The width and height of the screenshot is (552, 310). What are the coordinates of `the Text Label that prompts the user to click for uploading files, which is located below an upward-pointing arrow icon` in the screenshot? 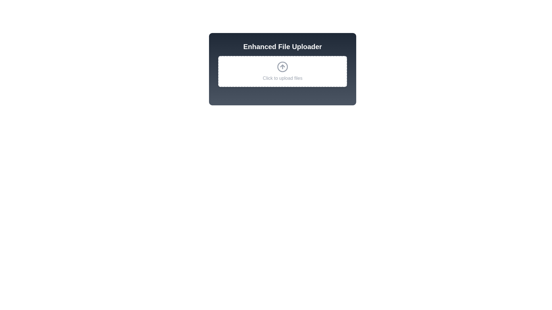 It's located at (283, 78).